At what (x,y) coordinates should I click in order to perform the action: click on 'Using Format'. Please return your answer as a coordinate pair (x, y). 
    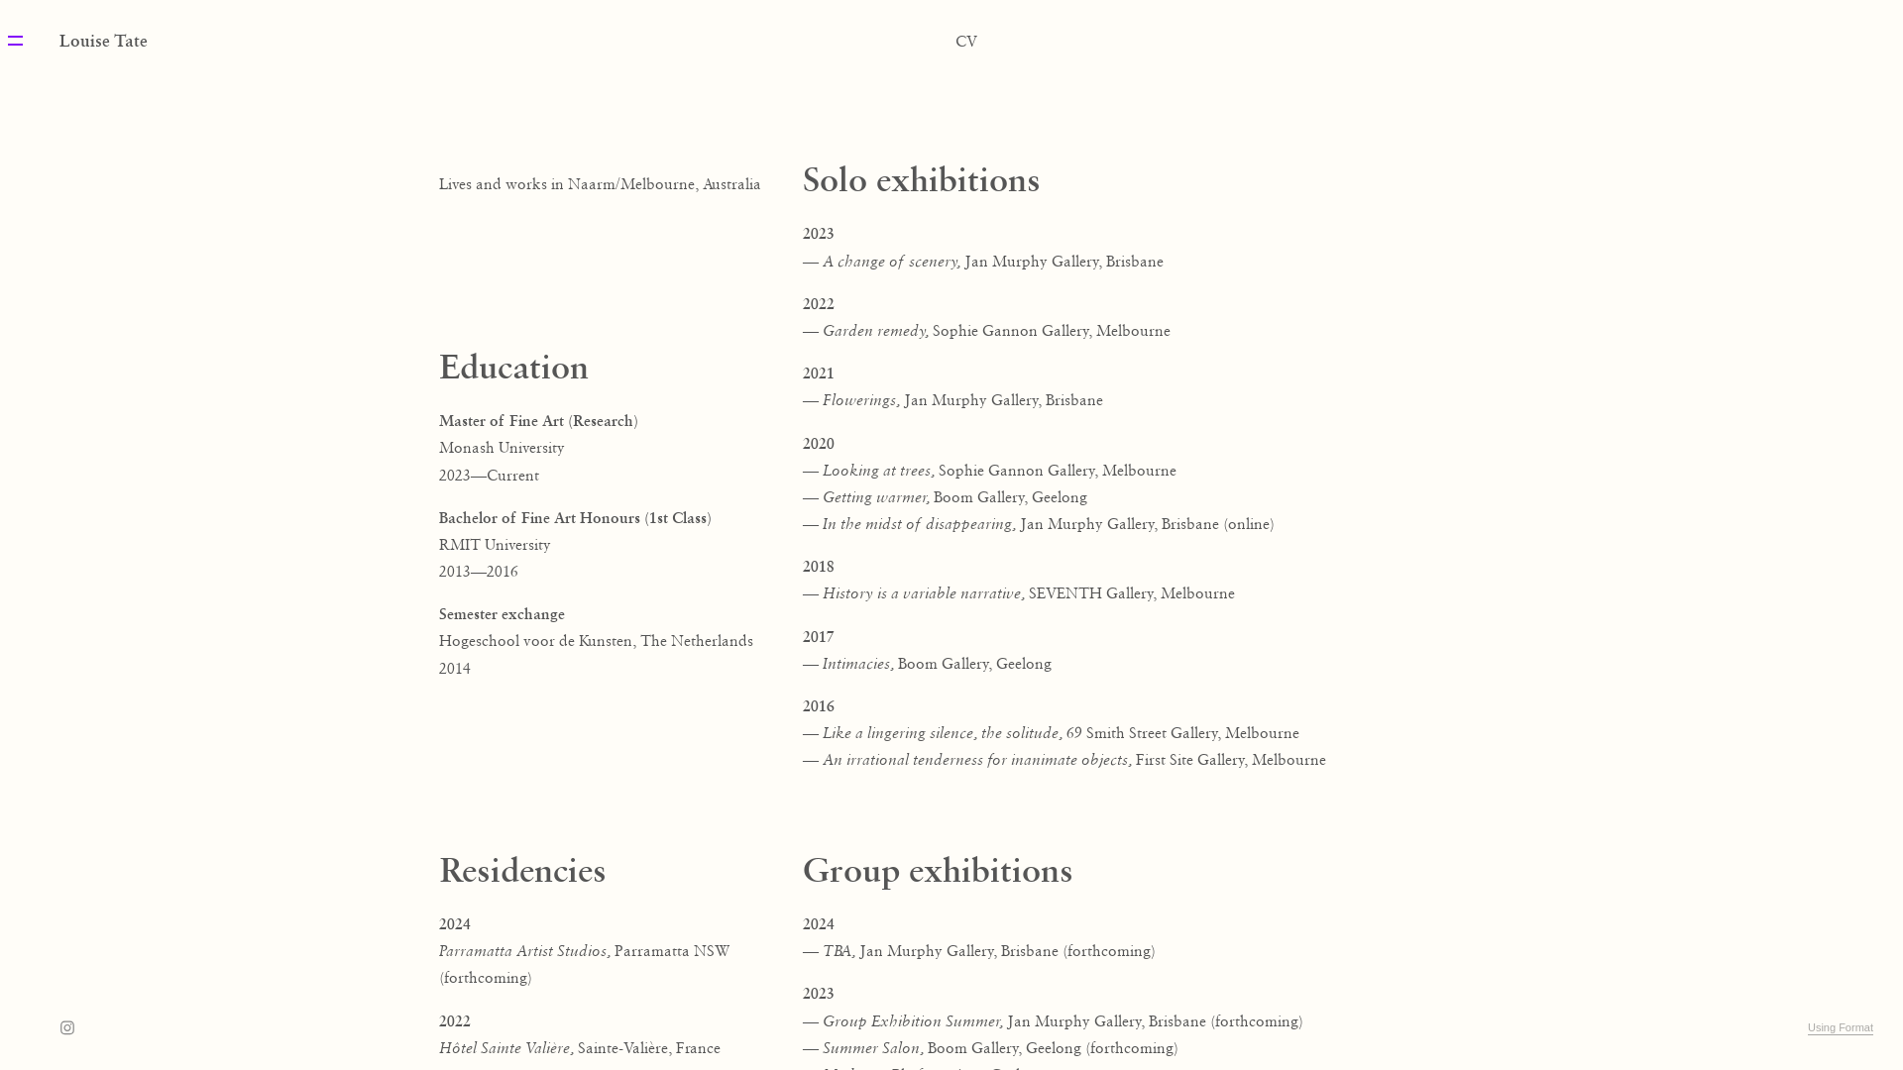
    Looking at the image, I should click on (1808, 1026).